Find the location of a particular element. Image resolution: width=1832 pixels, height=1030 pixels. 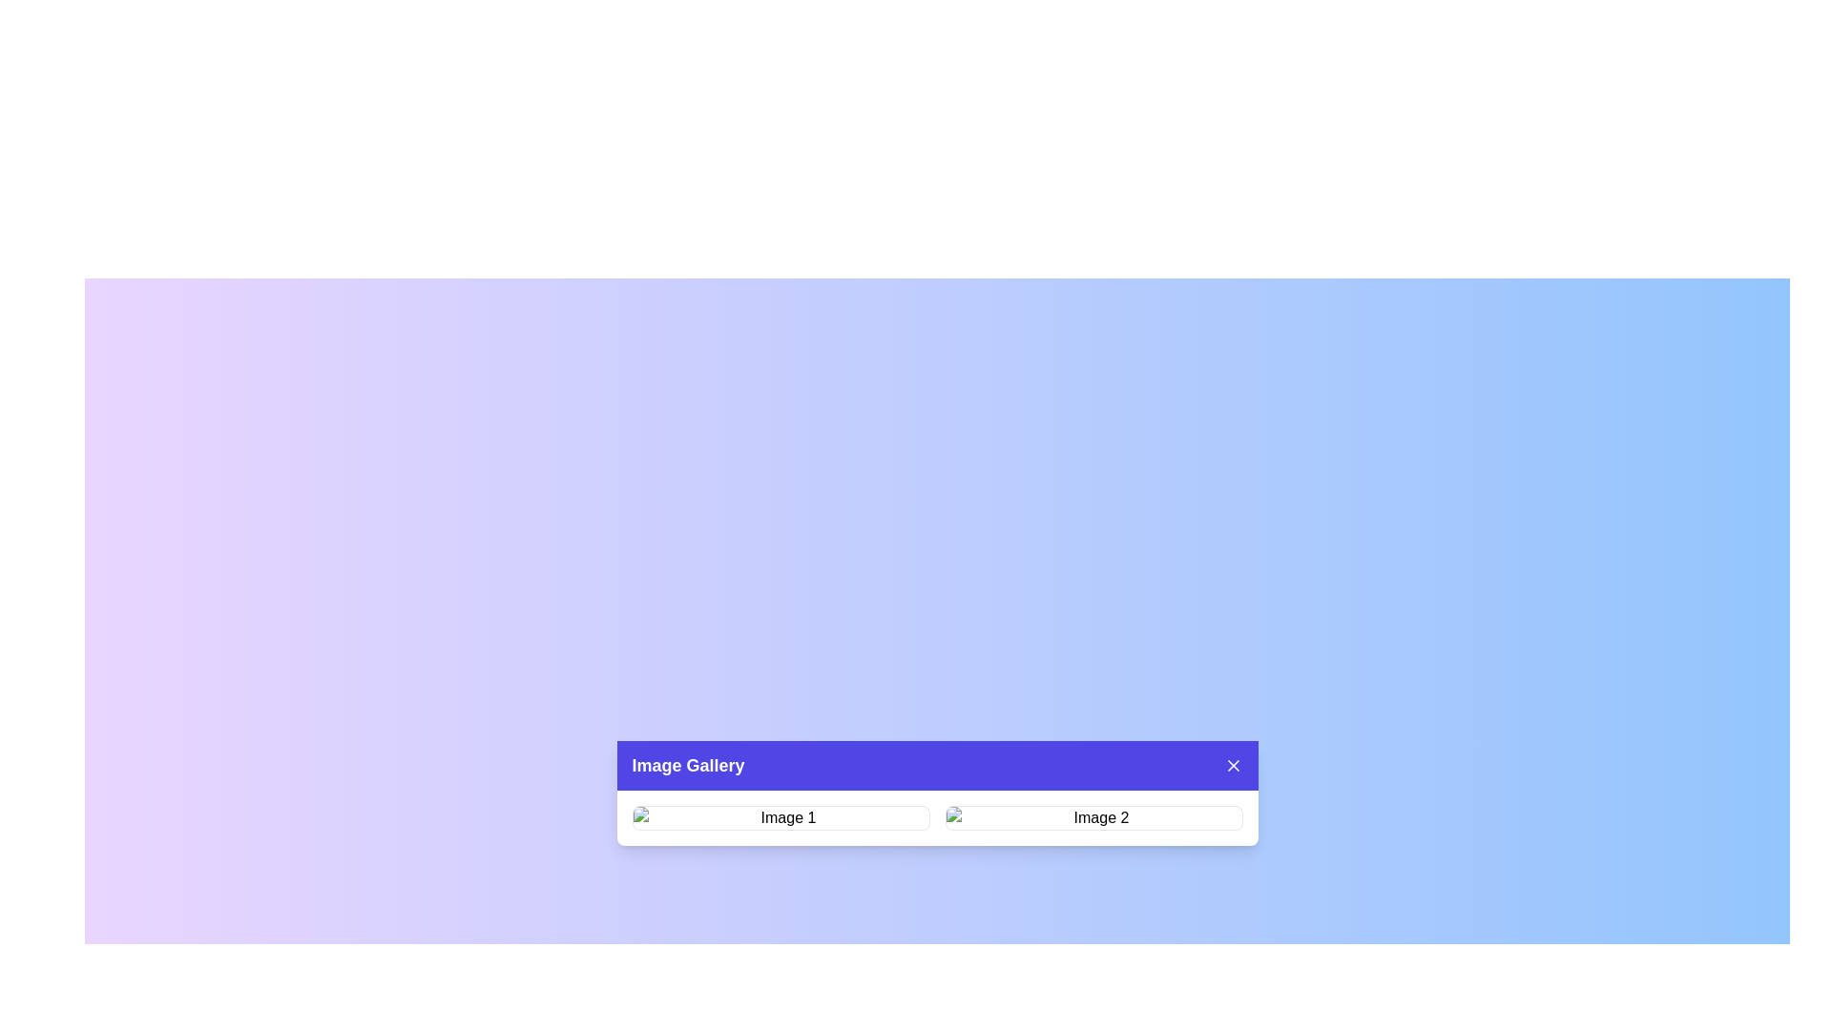

the image labeled Image 2 to observe its hover effect is located at coordinates (1093, 816).